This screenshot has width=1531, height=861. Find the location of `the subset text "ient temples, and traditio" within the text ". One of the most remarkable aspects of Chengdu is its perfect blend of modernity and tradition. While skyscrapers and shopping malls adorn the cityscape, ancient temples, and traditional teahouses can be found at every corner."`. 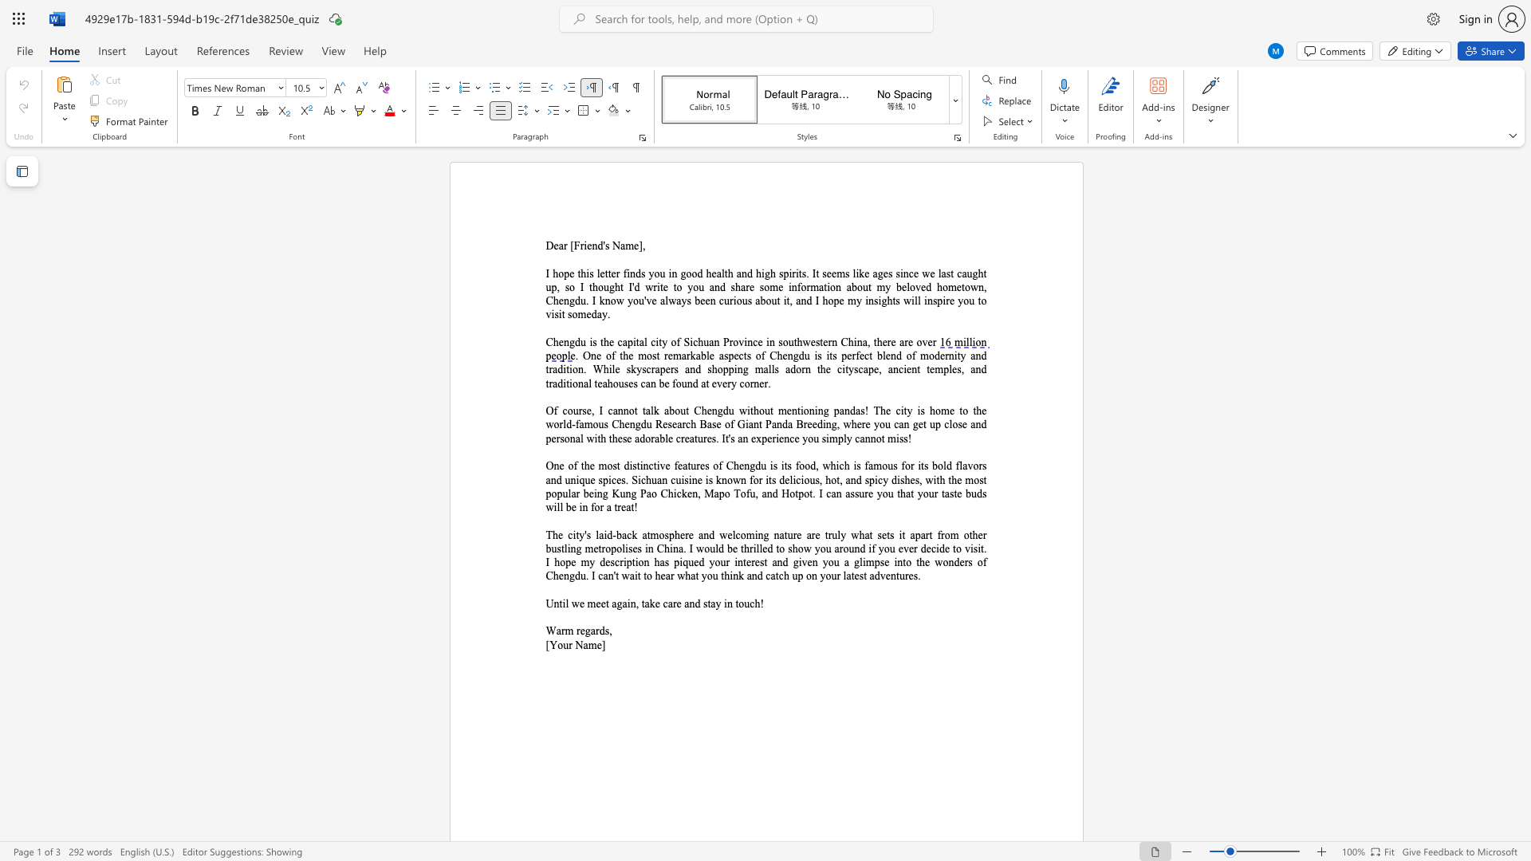

the subset text "ient temples, and traditio" within the text ". One of the most remarkable aspects of Chengdu is its perfect blend of modernity and tradition. While skyscrapers and shopping malls adorn the cityscape, ancient temples, and traditional teahouses can be found at every corner." is located at coordinates (903, 369).